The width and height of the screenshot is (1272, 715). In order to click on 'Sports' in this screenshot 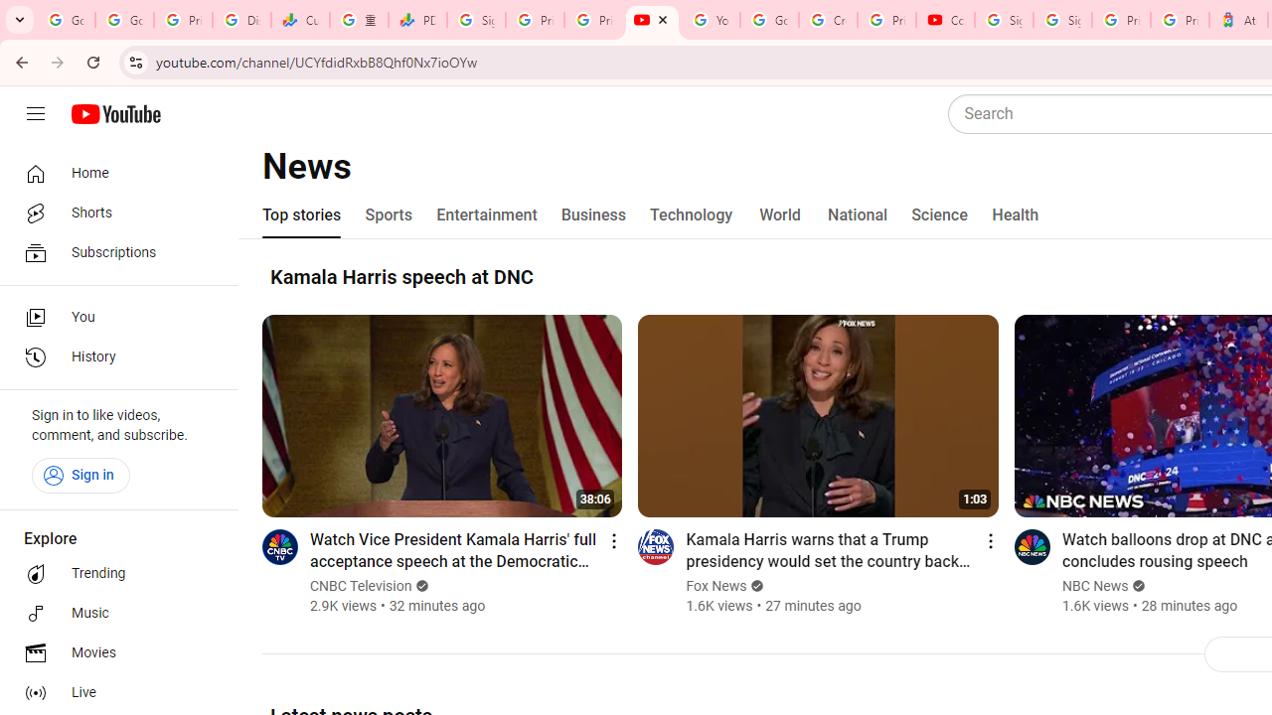, I will do `click(389, 215)`.